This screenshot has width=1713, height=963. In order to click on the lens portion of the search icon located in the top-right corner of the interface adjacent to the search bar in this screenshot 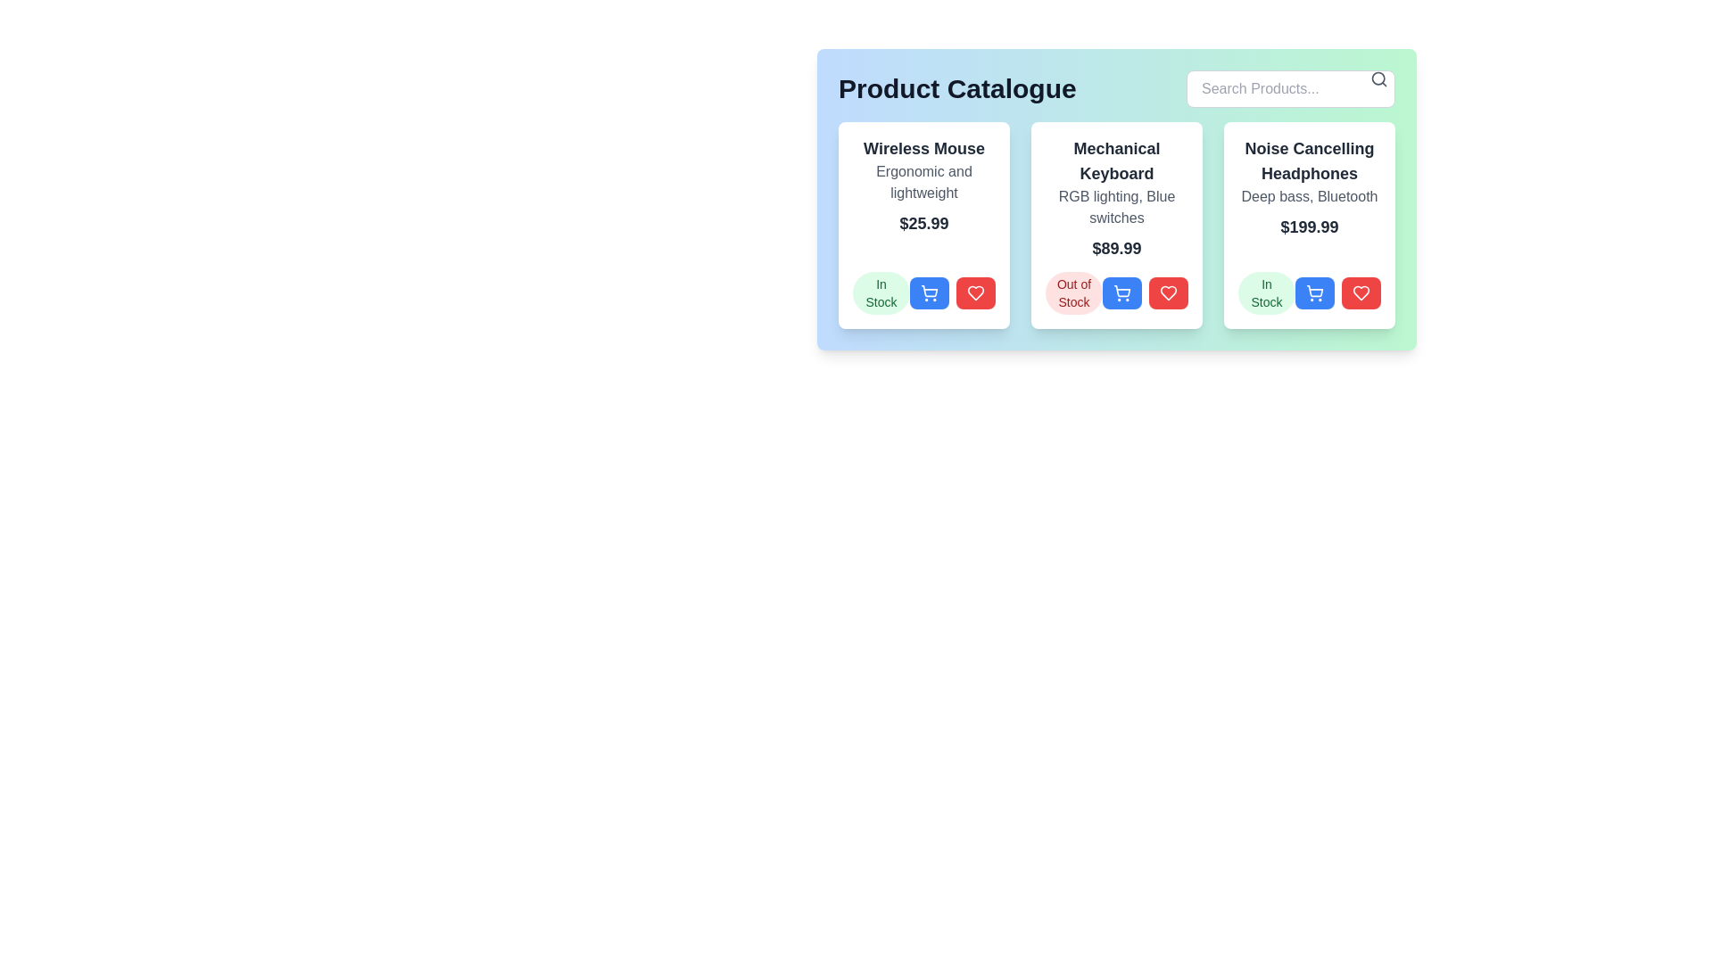, I will do `click(1378, 78)`.